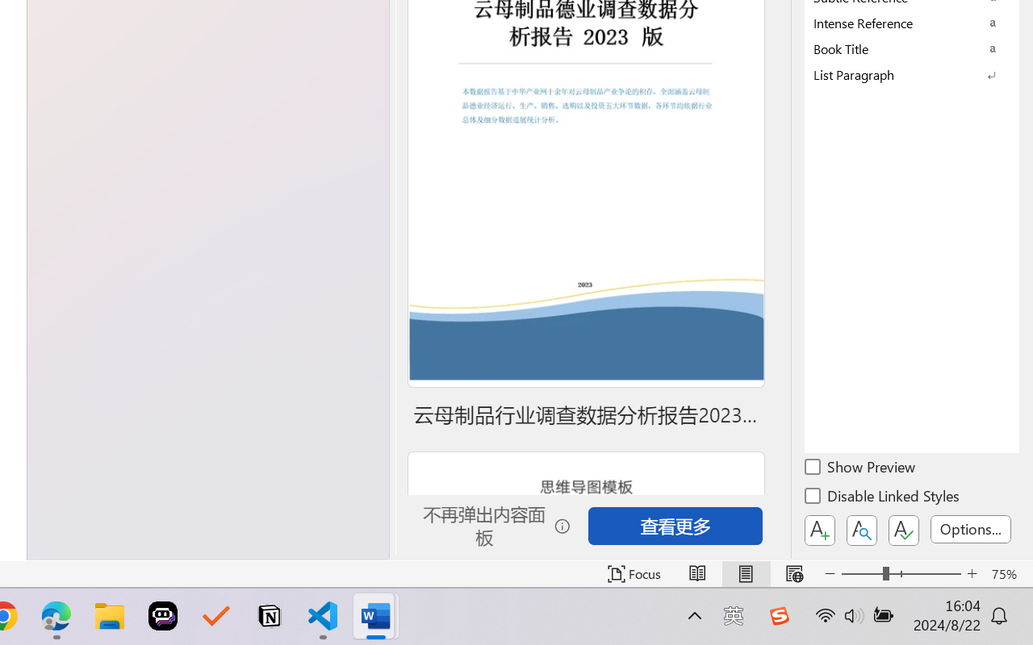 The height and width of the screenshot is (645, 1033). What do you see at coordinates (861, 573) in the screenshot?
I see `'Zoom Out'` at bounding box center [861, 573].